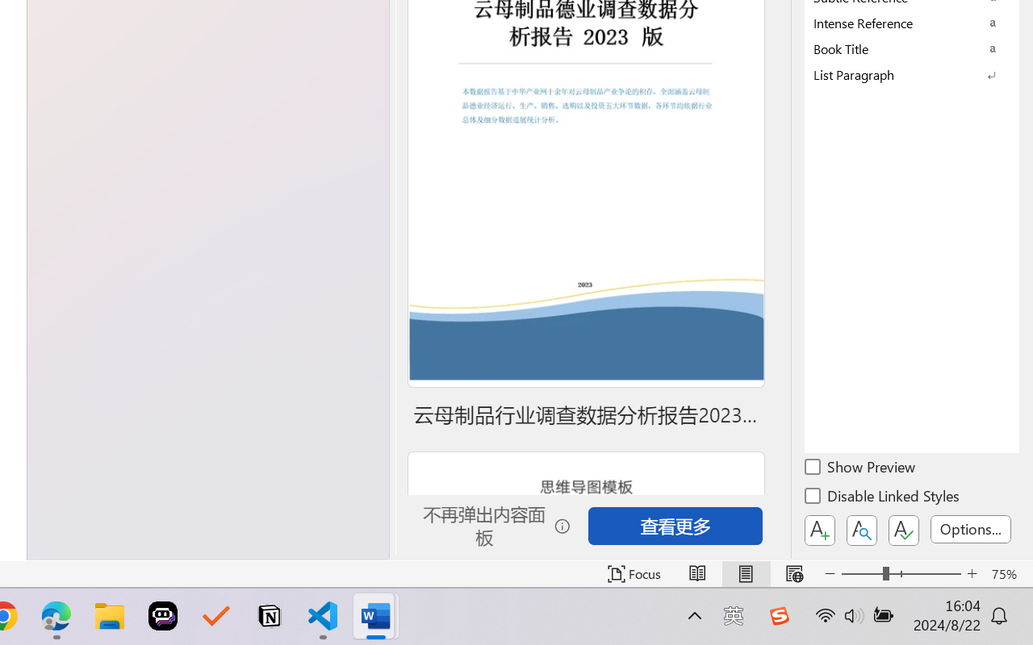 The height and width of the screenshot is (645, 1033). What do you see at coordinates (861, 573) in the screenshot?
I see `'Zoom Out'` at bounding box center [861, 573].